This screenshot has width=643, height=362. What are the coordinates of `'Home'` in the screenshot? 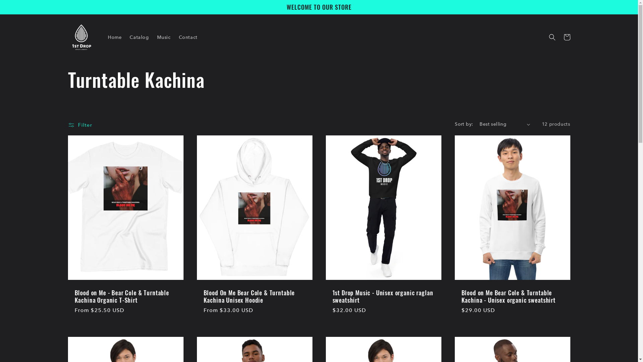 It's located at (115, 37).